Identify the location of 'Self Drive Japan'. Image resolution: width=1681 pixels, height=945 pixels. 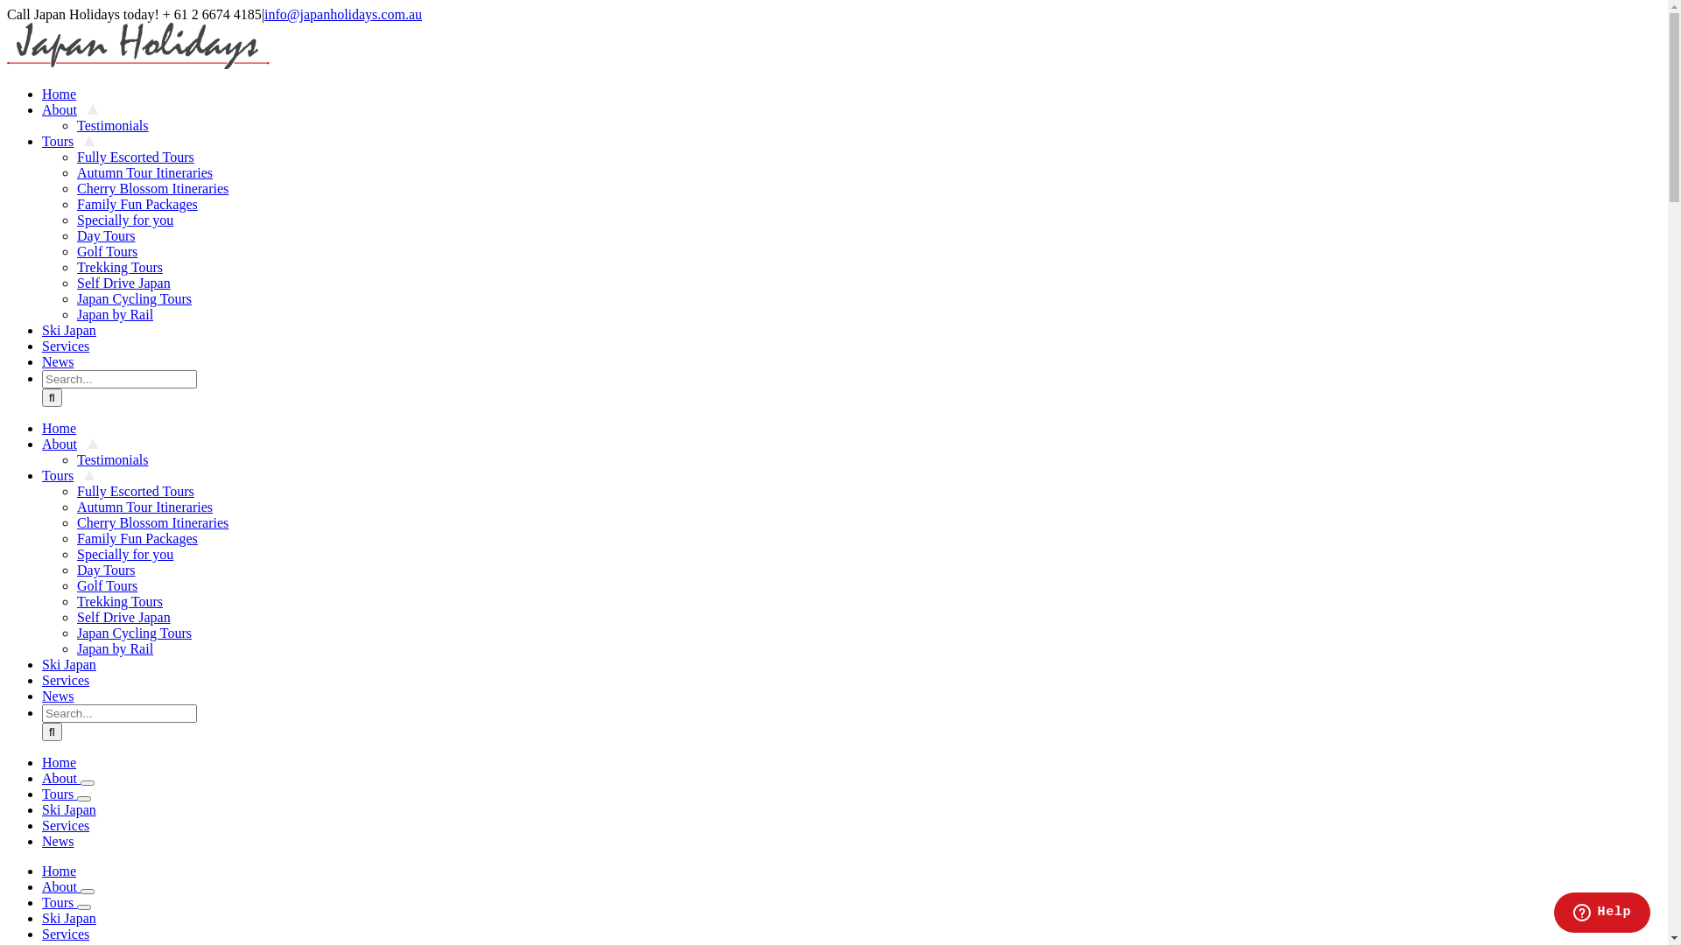
(123, 282).